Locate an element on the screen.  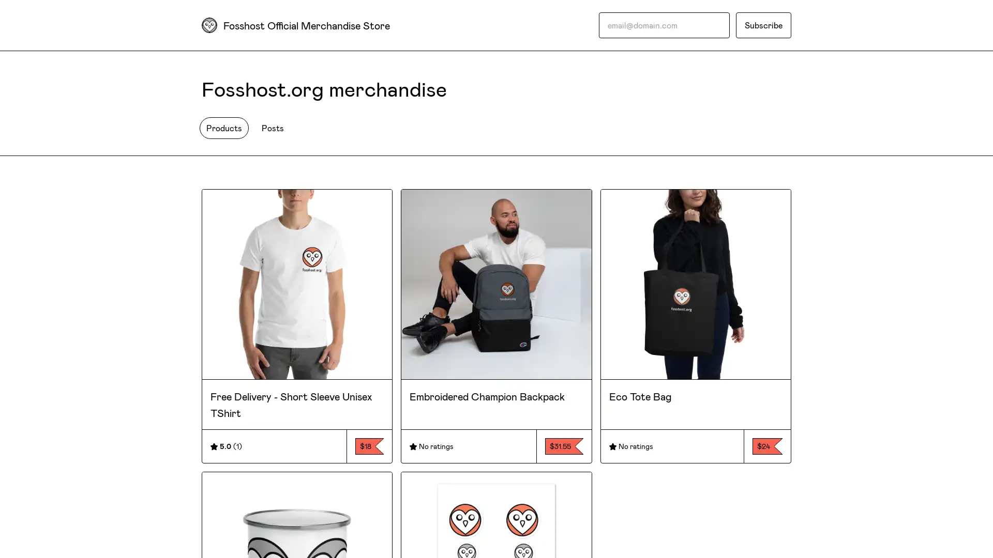
Subscribe is located at coordinates (763, 25).